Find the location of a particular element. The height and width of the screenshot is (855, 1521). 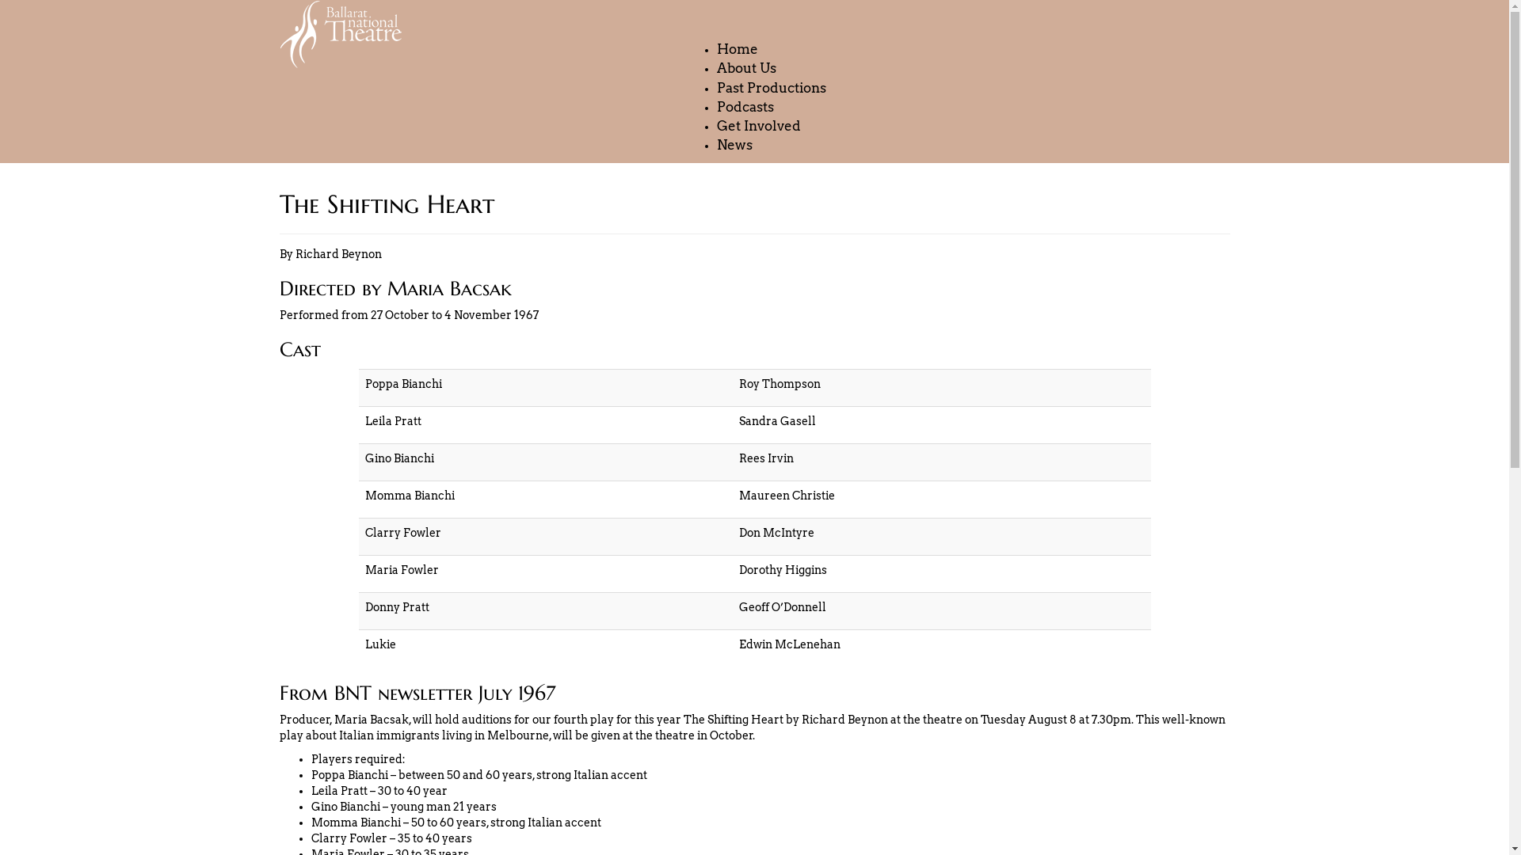

'Past Productions' is located at coordinates (772, 88).